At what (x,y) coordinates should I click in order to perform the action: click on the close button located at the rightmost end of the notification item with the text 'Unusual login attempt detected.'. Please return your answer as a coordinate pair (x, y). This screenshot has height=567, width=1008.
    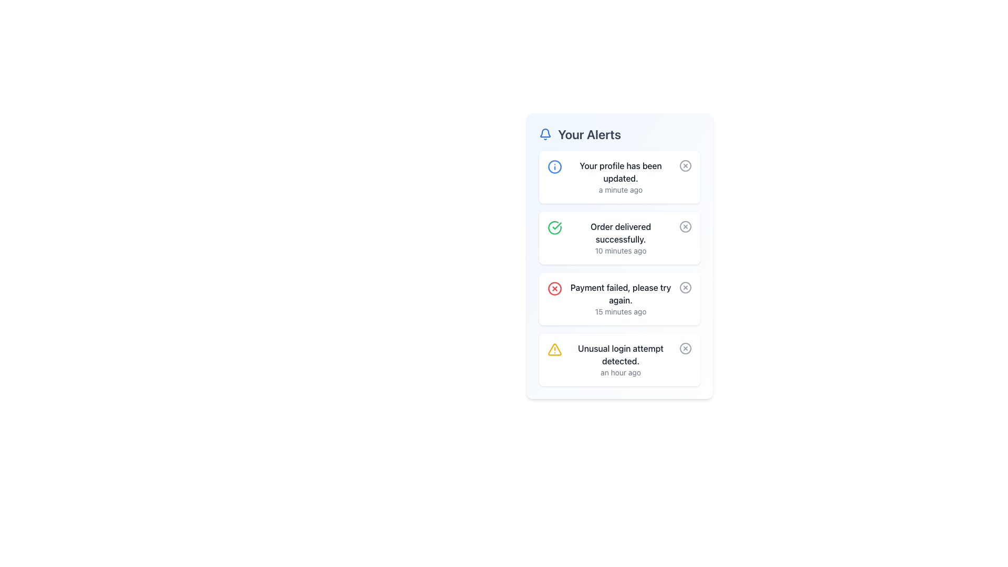
    Looking at the image, I should click on (685, 348).